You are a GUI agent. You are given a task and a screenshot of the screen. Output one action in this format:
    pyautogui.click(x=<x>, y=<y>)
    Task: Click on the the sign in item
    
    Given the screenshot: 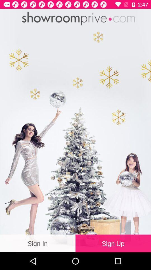 What is the action you would take?
    pyautogui.click(x=38, y=243)
    